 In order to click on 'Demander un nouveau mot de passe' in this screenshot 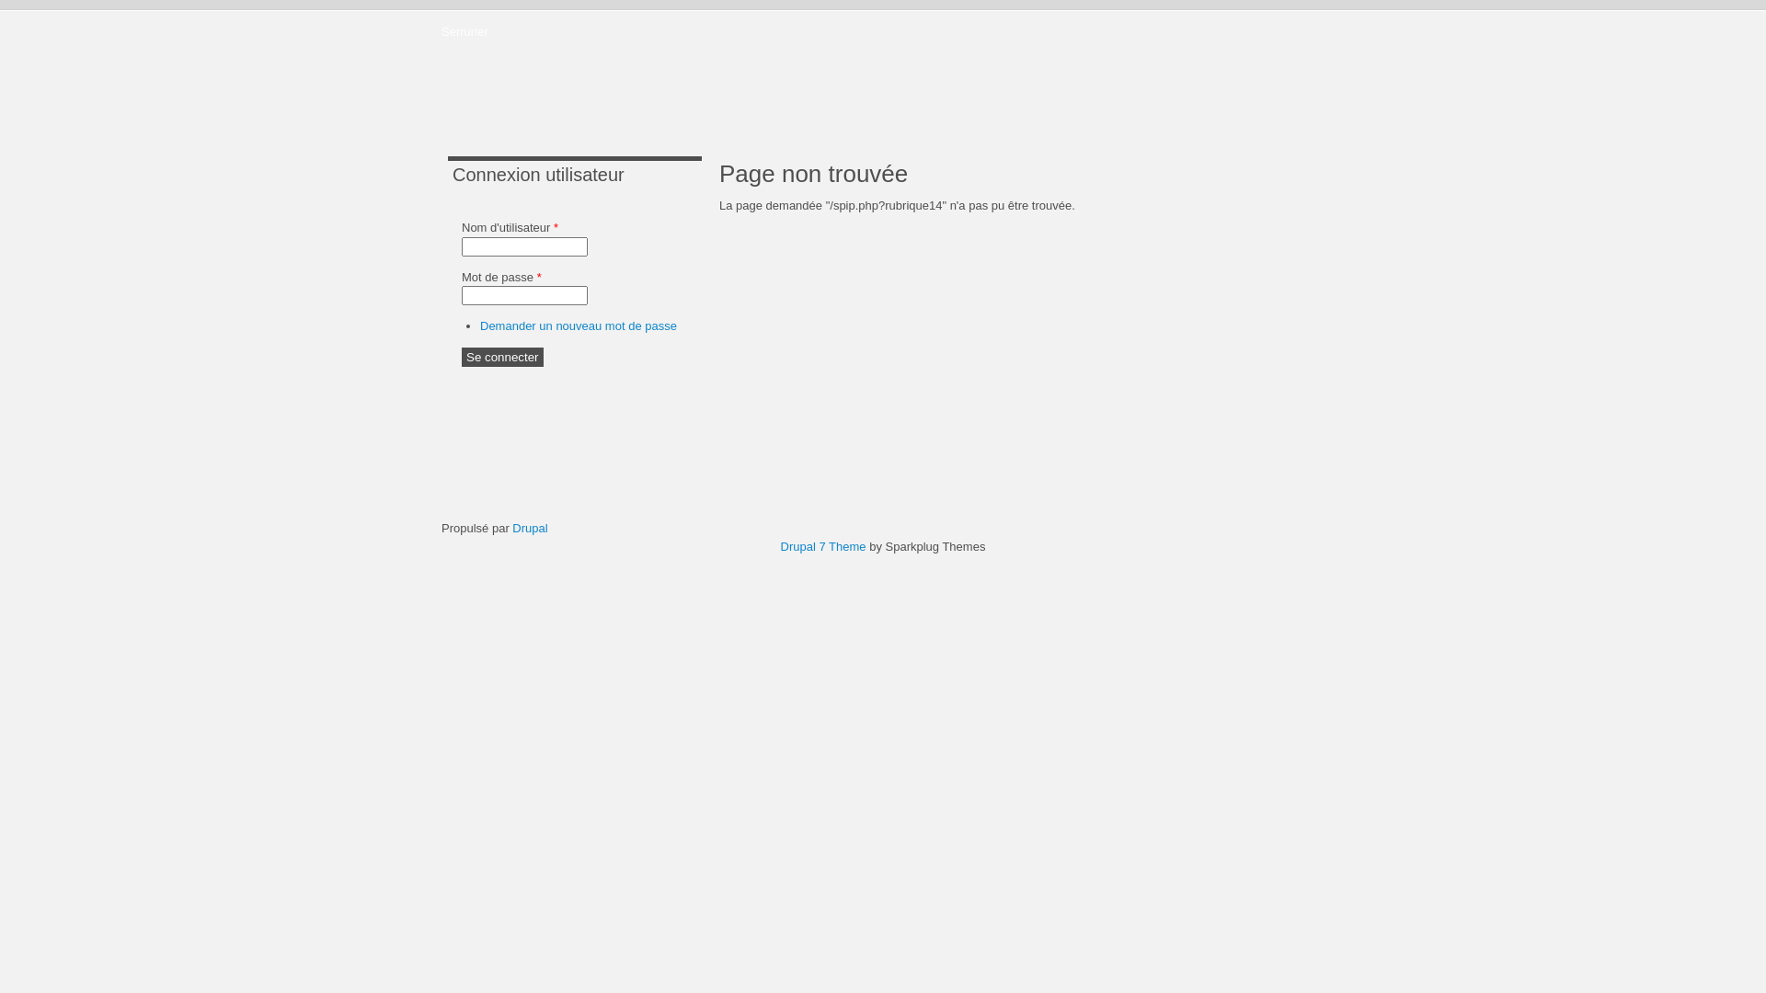, I will do `click(577, 325)`.